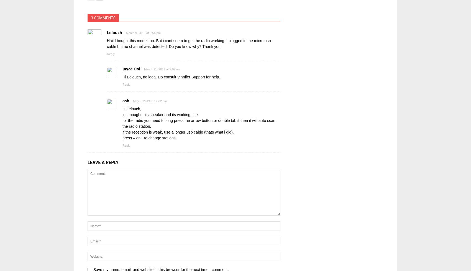 This screenshot has width=471, height=271. Describe the element at coordinates (199, 123) in the screenshot. I see `'for the radio you need to long press the arrow button or double tab it then it will auto scan the radio station.'` at that location.